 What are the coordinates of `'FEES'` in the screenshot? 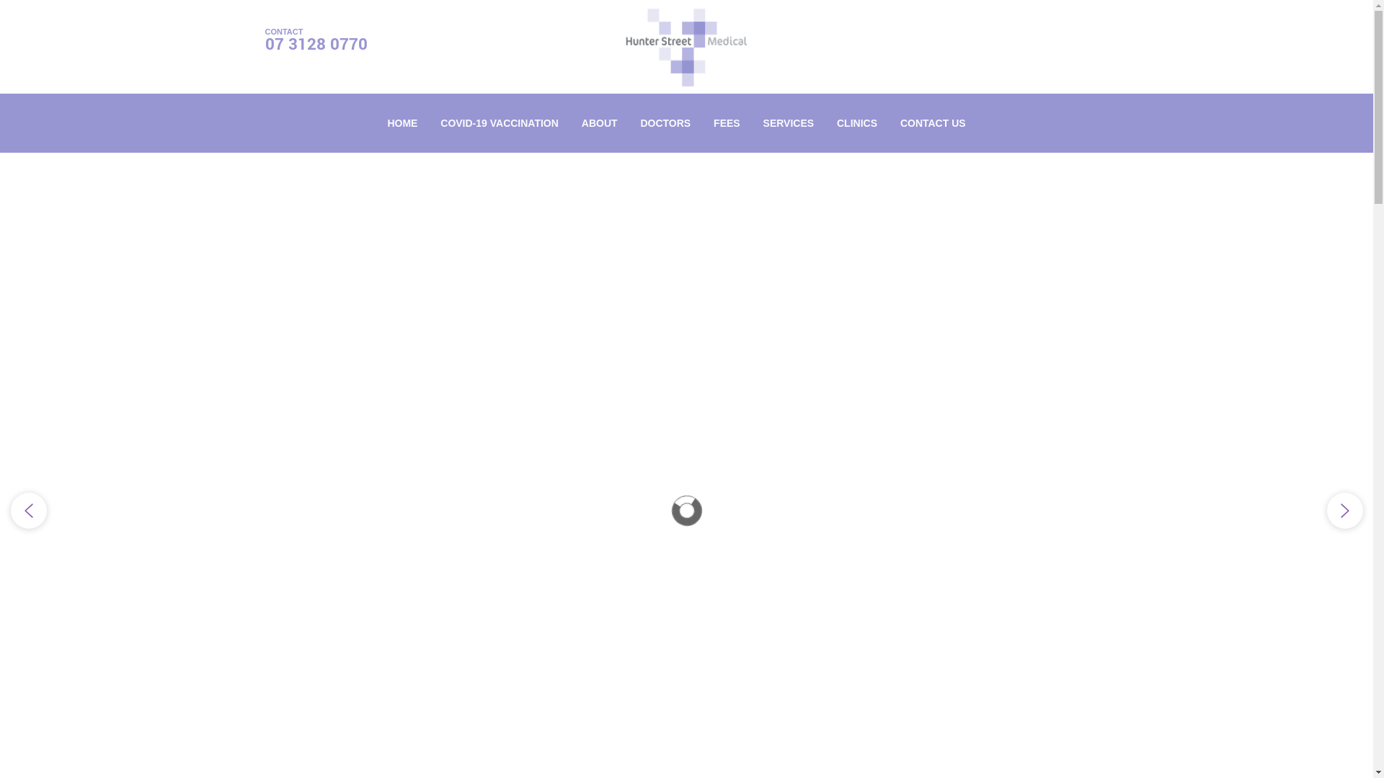 It's located at (727, 122).